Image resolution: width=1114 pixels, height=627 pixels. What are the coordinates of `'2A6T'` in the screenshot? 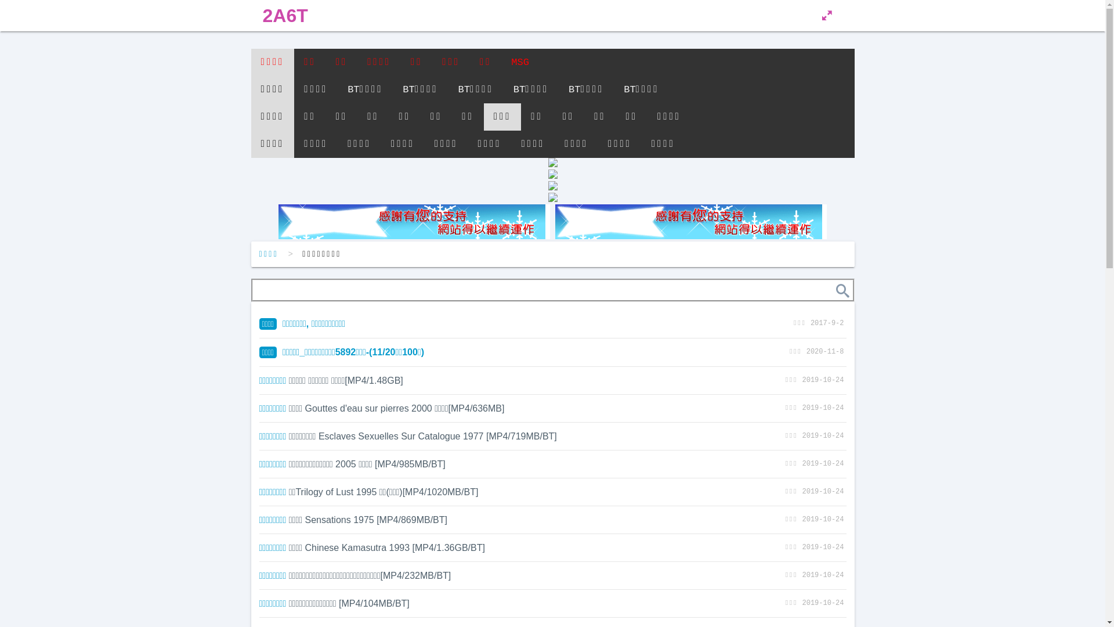 It's located at (250, 16).